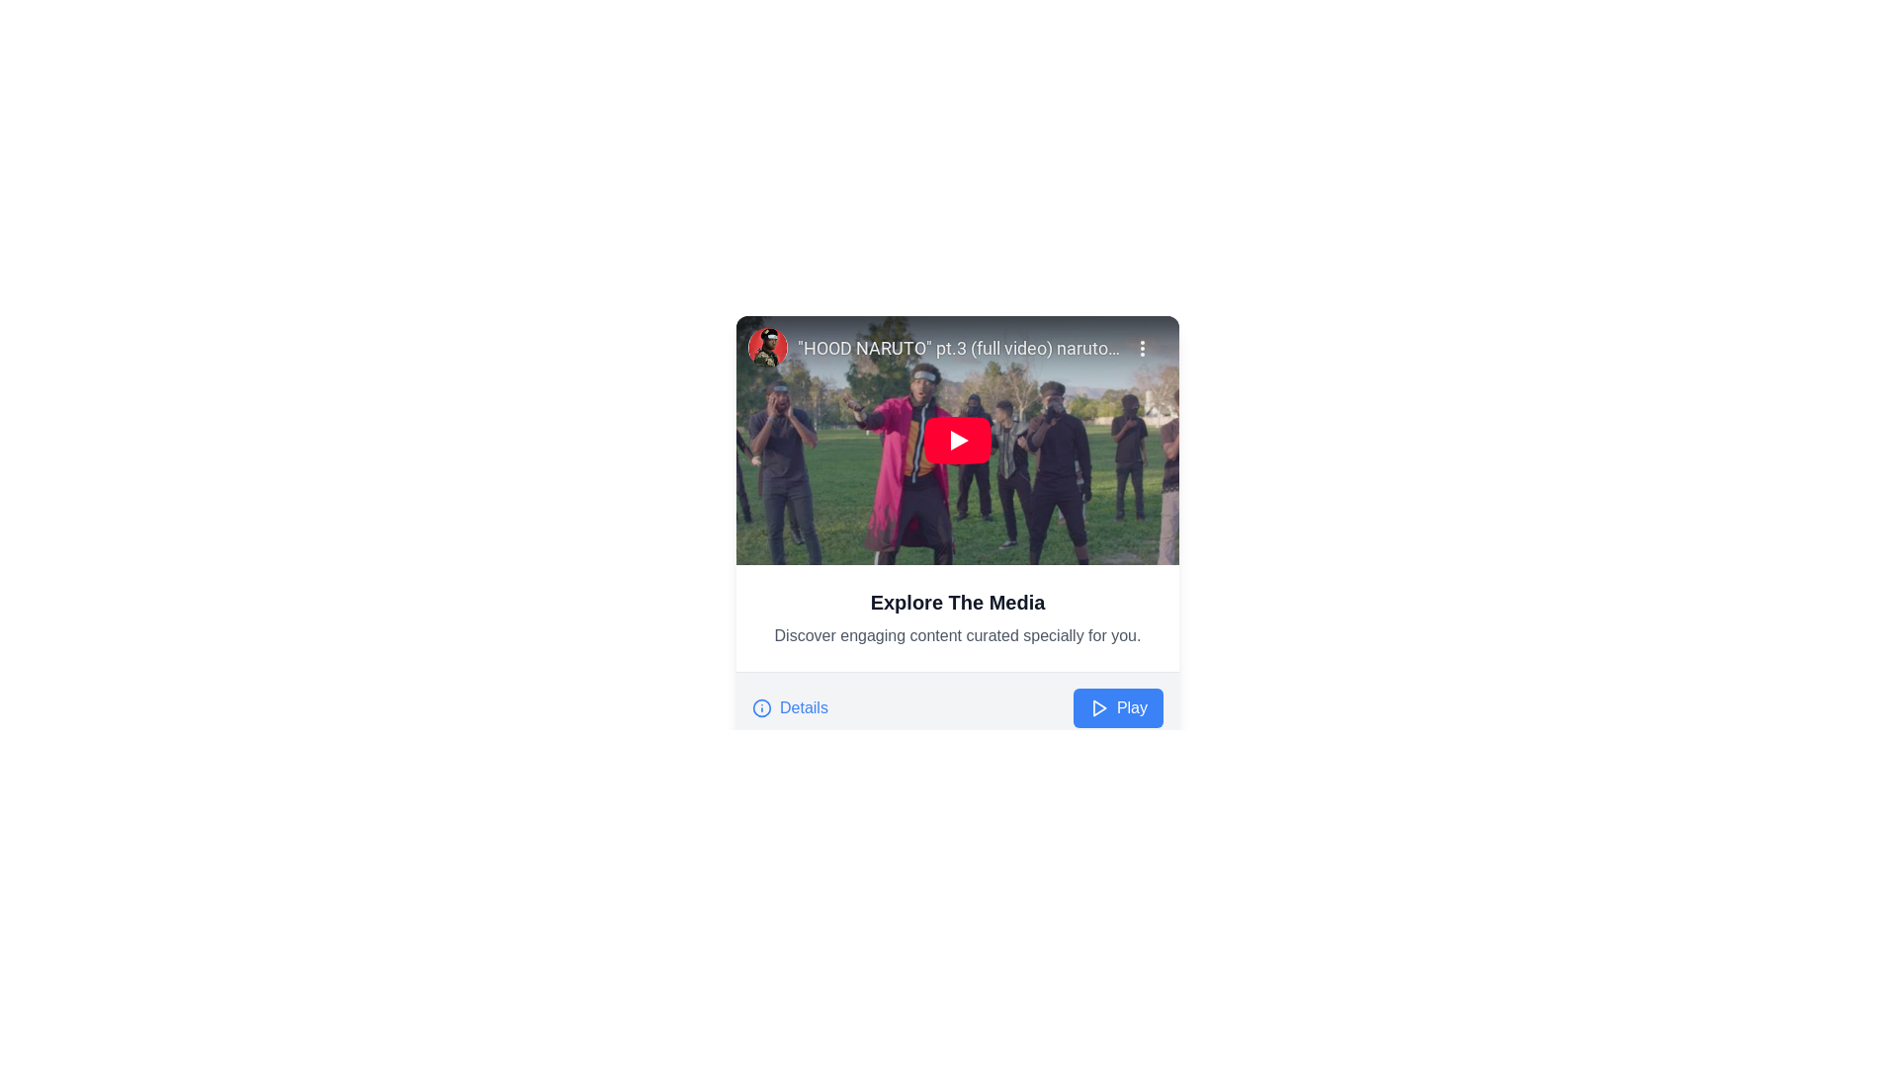  Describe the element at coordinates (958, 636) in the screenshot. I see `the text block that reads 'Discover engaging content curated specially for you.' which is styled in gray and positioned below the 'Explore The Media' heading` at that location.